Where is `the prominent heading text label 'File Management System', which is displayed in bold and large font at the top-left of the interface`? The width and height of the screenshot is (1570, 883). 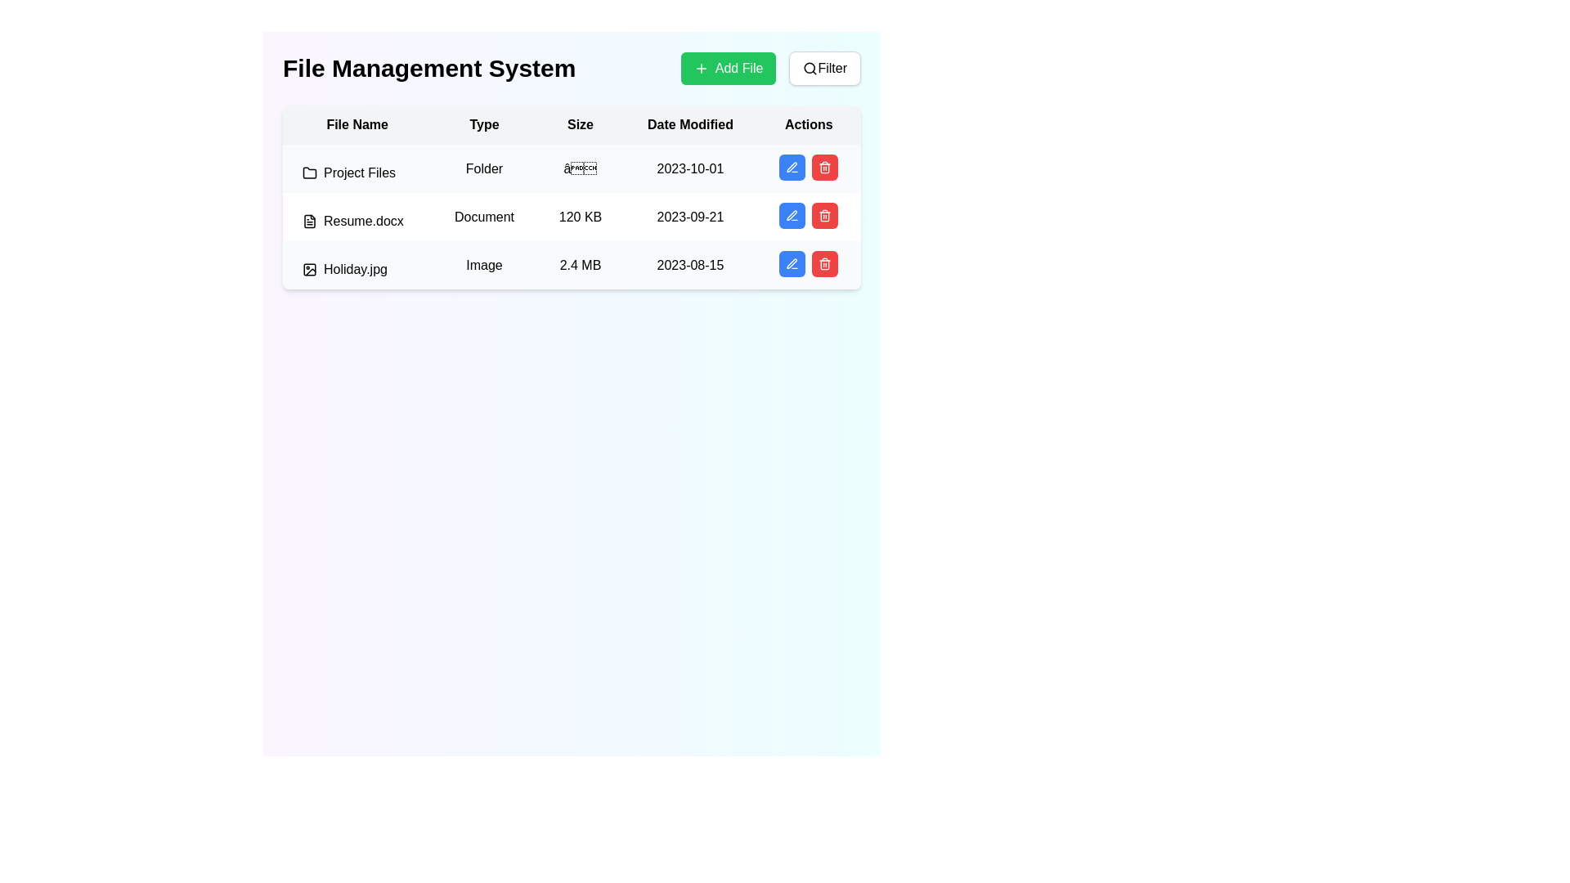 the prominent heading text label 'File Management System', which is displayed in bold and large font at the top-left of the interface is located at coordinates (429, 68).